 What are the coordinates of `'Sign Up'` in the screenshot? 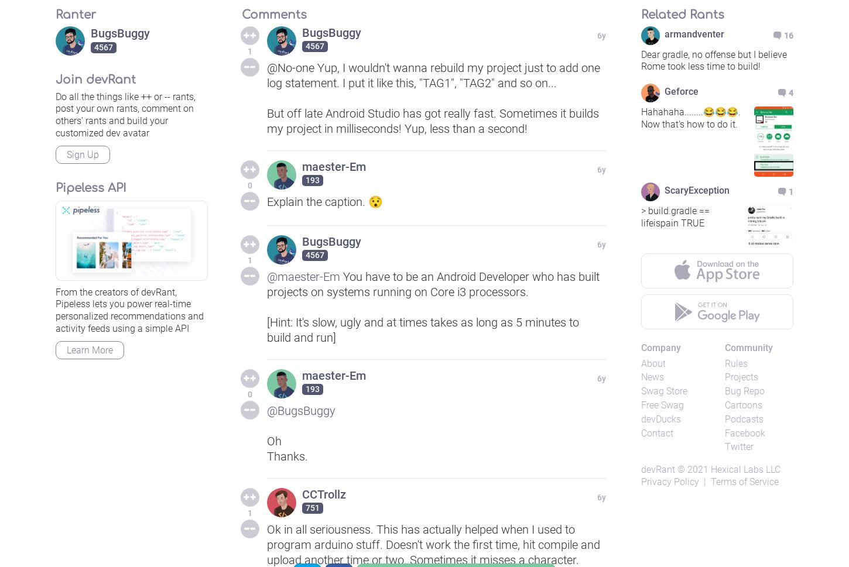 It's located at (66, 153).